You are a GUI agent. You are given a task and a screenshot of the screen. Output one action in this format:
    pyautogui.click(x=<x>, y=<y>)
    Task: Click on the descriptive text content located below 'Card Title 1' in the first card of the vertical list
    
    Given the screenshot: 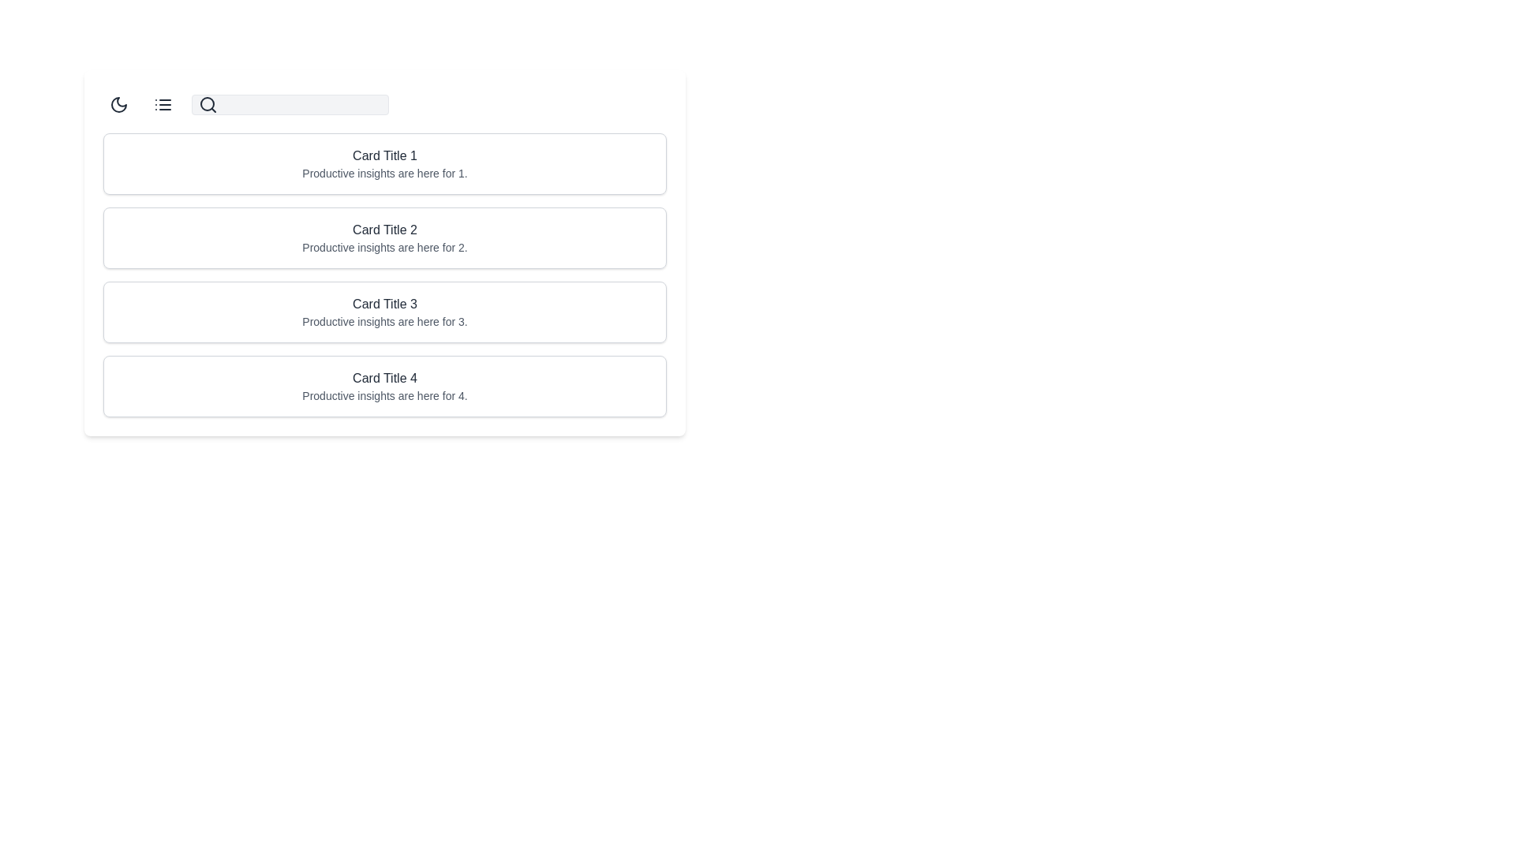 What is the action you would take?
    pyautogui.click(x=385, y=173)
    